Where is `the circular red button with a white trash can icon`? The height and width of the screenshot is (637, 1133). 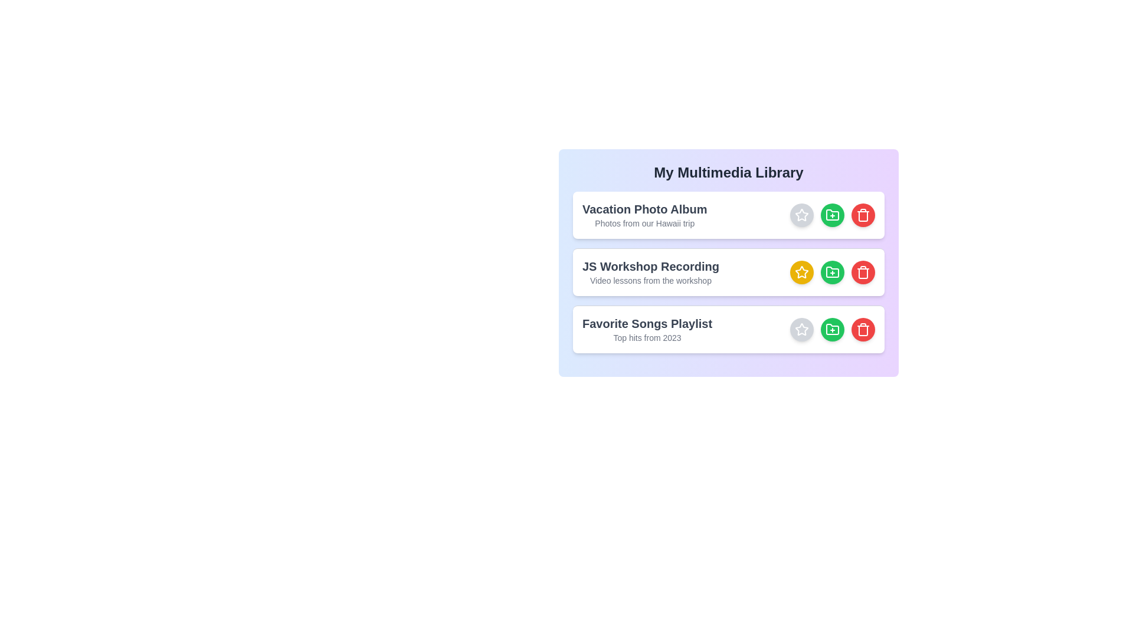
the circular red button with a white trash can icon is located at coordinates (863, 215).